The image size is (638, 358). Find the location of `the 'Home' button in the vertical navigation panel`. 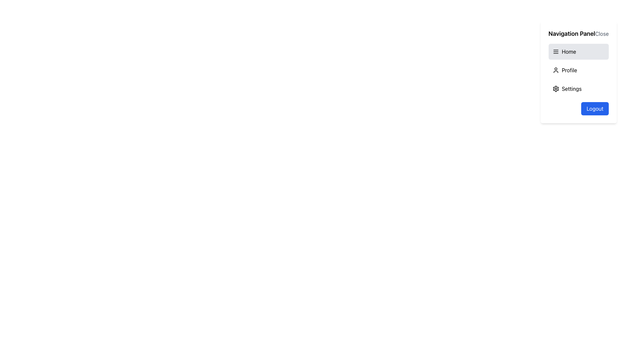

the 'Home' button in the vertical navigation panel is located at coordinates (578, 51).